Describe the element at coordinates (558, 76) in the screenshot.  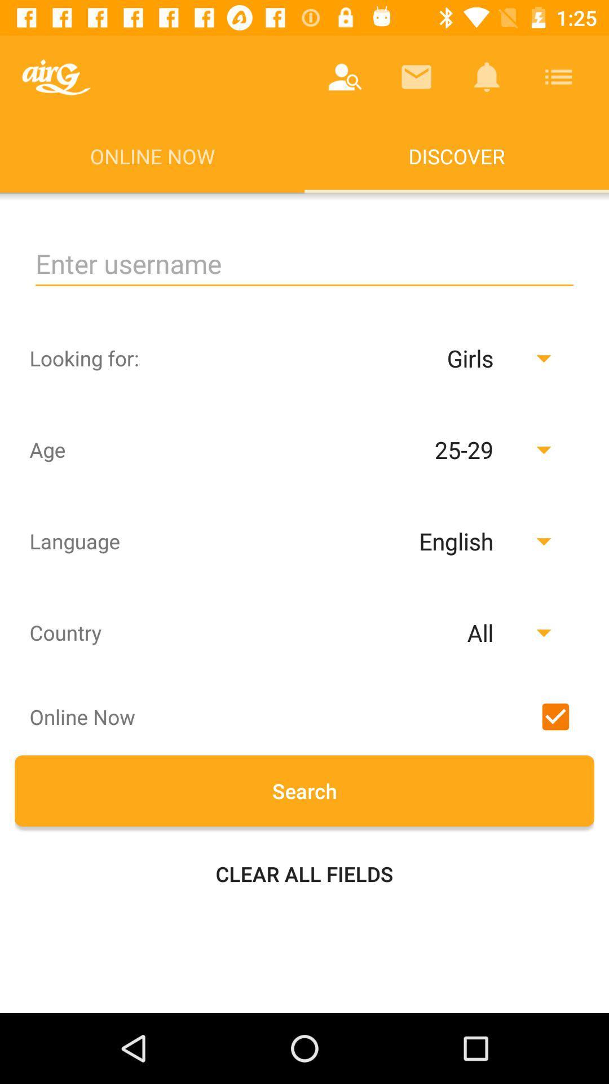
I see `app above the discover item` at that location.